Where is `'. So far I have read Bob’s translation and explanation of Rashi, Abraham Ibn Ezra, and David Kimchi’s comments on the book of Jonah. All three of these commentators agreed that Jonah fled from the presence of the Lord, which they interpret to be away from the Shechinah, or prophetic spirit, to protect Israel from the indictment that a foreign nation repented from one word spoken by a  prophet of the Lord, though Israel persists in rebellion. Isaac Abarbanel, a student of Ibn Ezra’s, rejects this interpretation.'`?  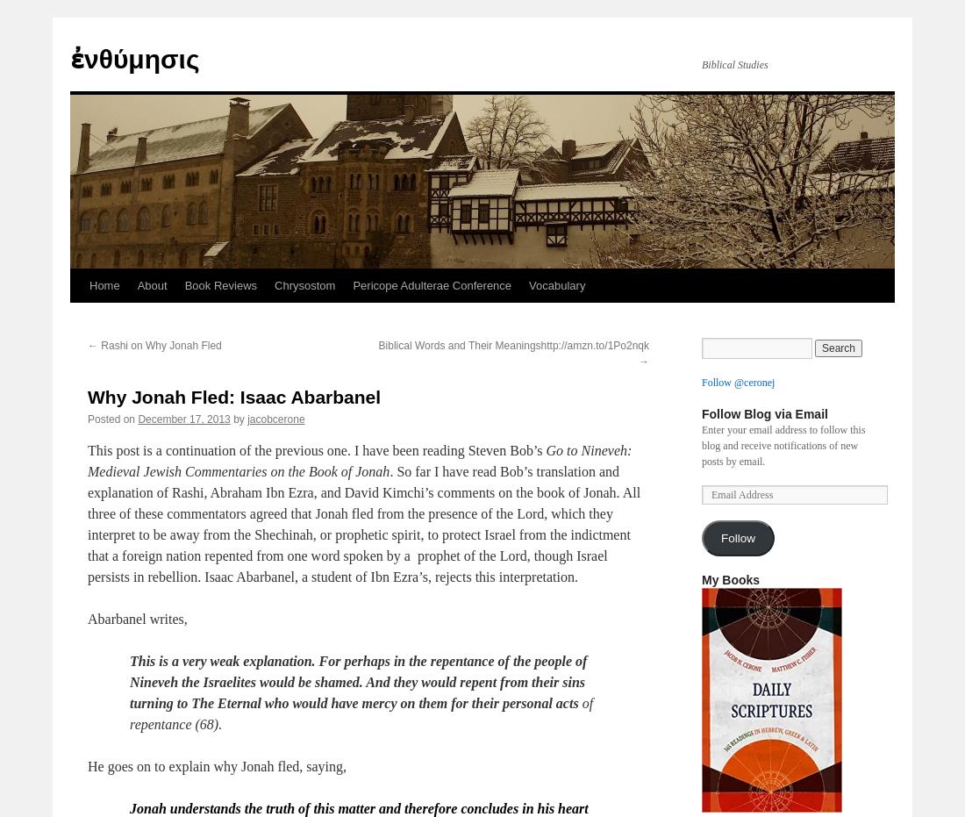 '. So far I have read Bob’s translation and explanation of Rashi, Abraham Ibn Ezra, and David Kimchi’s comments on the book of Jonah. All three of these commentators agreed that Jonah fled from the presence of the Lord, which they interpret to be away from the Shechinah, or prophetic spirit, to protect Israel from the indictment that a foreign nation repented from one word spoken by a  prophet of the Lord, though Israel persists in rebellion. Isaac Abarbanel, a student of Ibn Ezra’s, rejects this interpretation.' is located at coordinates (363, 523).